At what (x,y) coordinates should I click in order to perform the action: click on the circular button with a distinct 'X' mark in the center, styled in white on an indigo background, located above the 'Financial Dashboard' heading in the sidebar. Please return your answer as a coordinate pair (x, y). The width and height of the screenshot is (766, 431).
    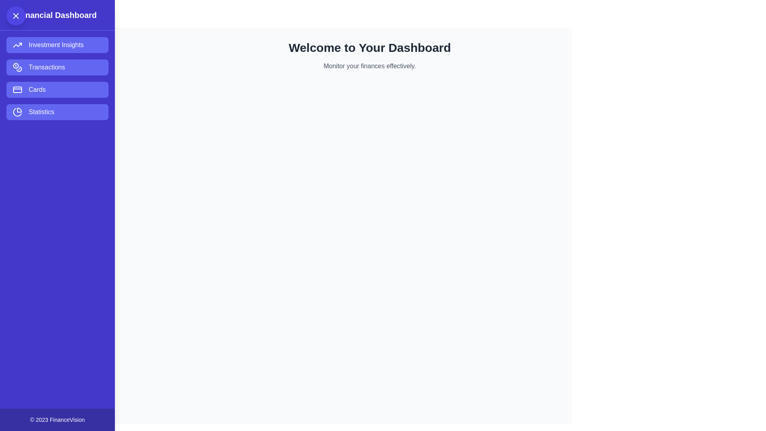
    Looking at the image, I should click on (16, 16).